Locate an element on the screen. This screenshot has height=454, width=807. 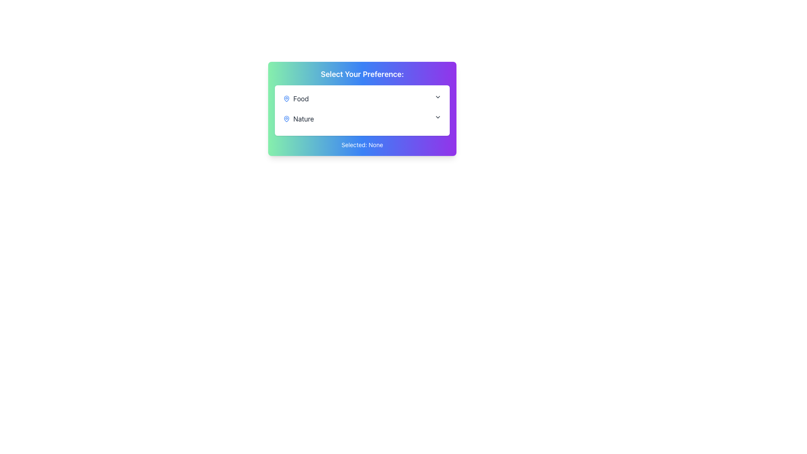
the 'Food' label with a blue map pin icon is located at coordinates (296, 98).